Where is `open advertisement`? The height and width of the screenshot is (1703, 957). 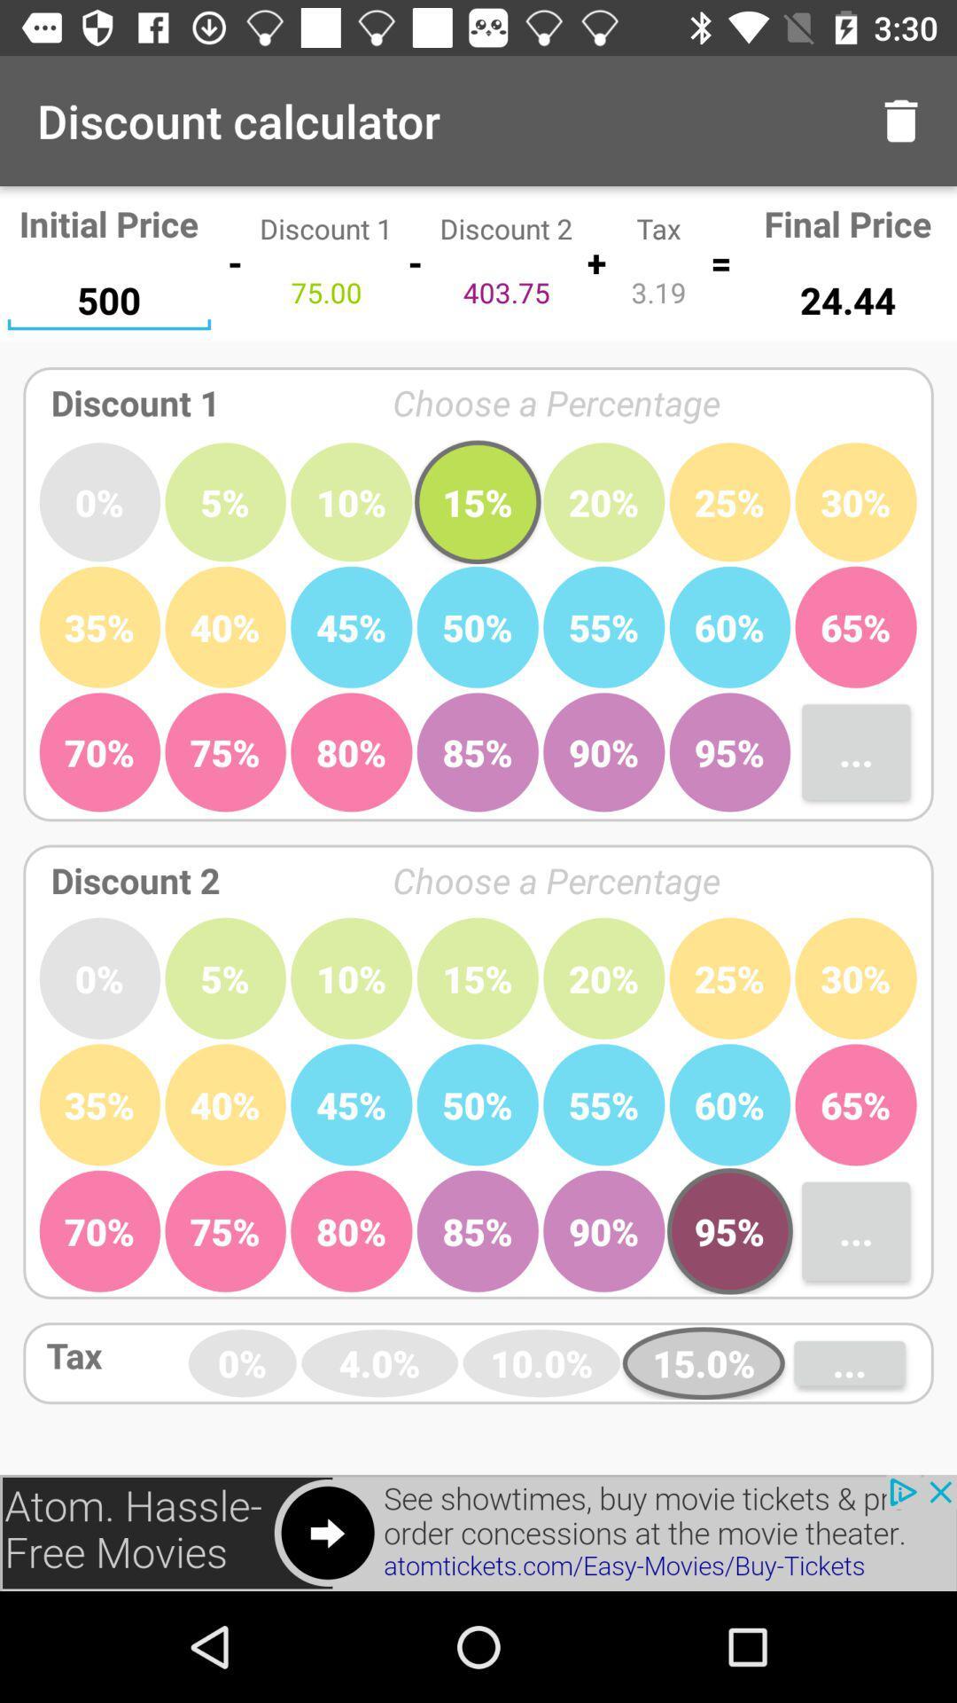 open advertisement is located at coordinates (478, 1532).